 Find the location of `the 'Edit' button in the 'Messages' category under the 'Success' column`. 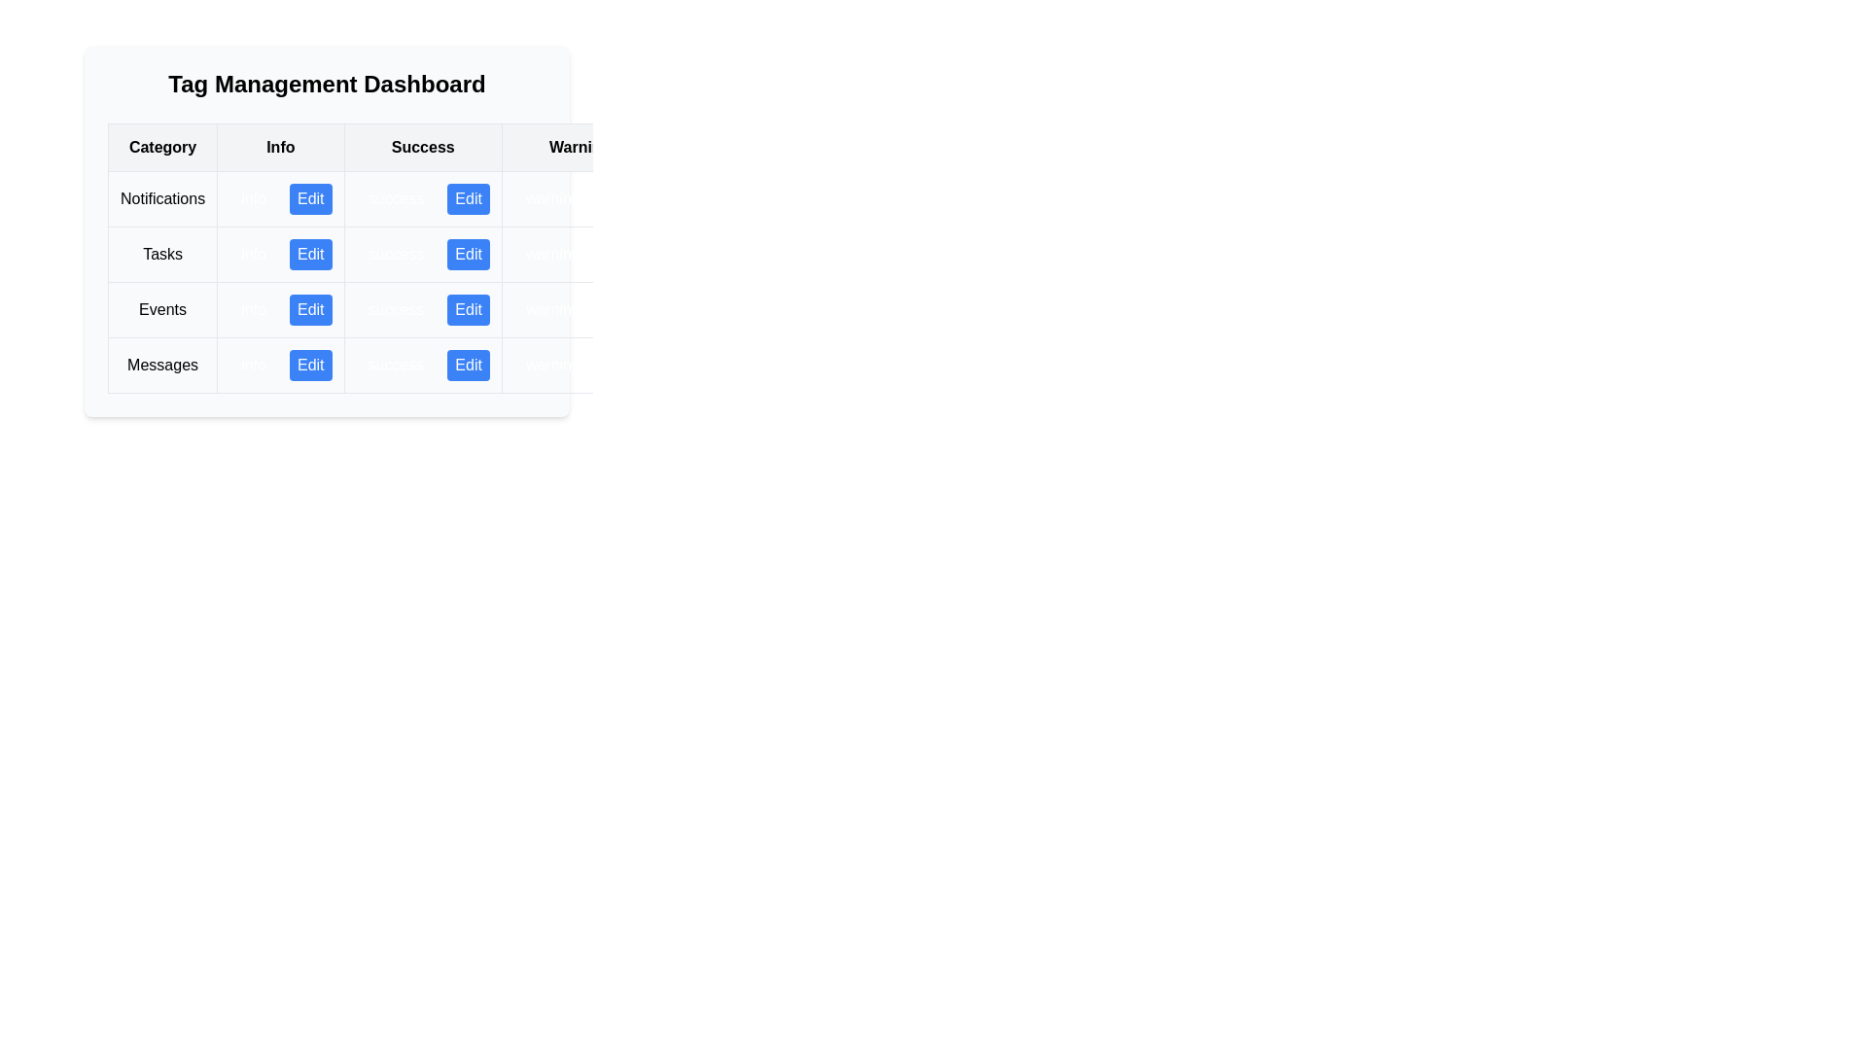

the 'Edit' button in the 'Messages' category under the 'Success' column is located at coordinates (469, 365).